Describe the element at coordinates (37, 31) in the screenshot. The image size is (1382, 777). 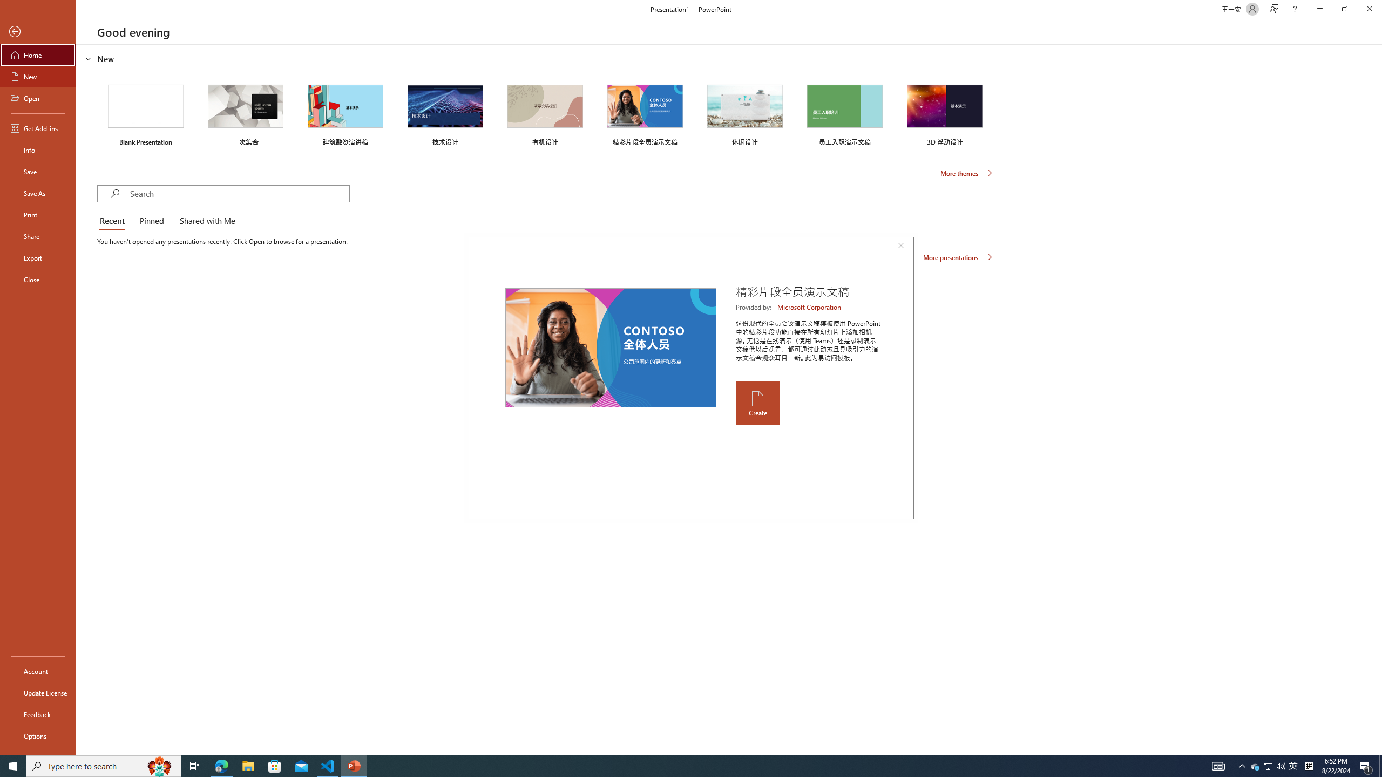
I see `'Back'` at that location.